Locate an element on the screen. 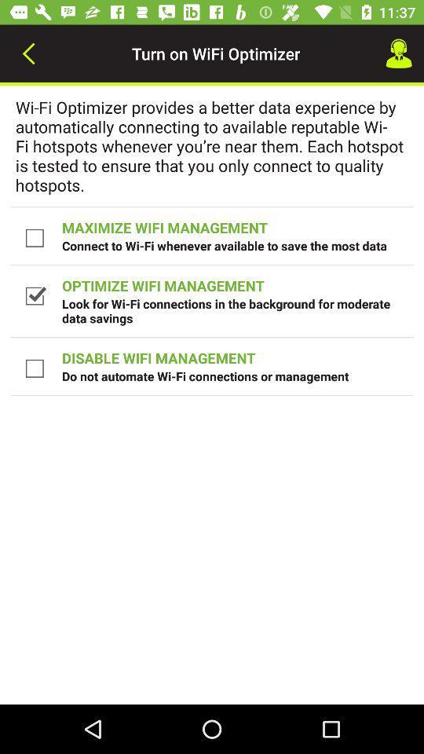 This screenshot has height=754, width=424. icon at the top right corner is located at coordinates (399, 53).